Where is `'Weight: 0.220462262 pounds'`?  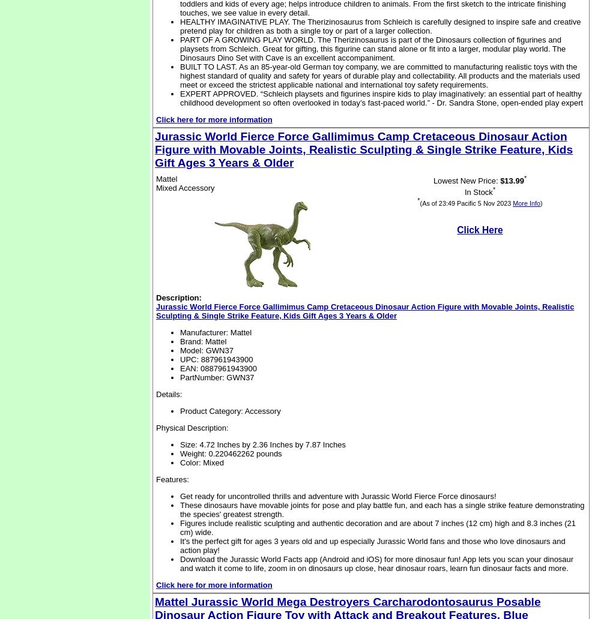
'Weight: 0.220462262 pounds' is located at coordinates (230, 453).